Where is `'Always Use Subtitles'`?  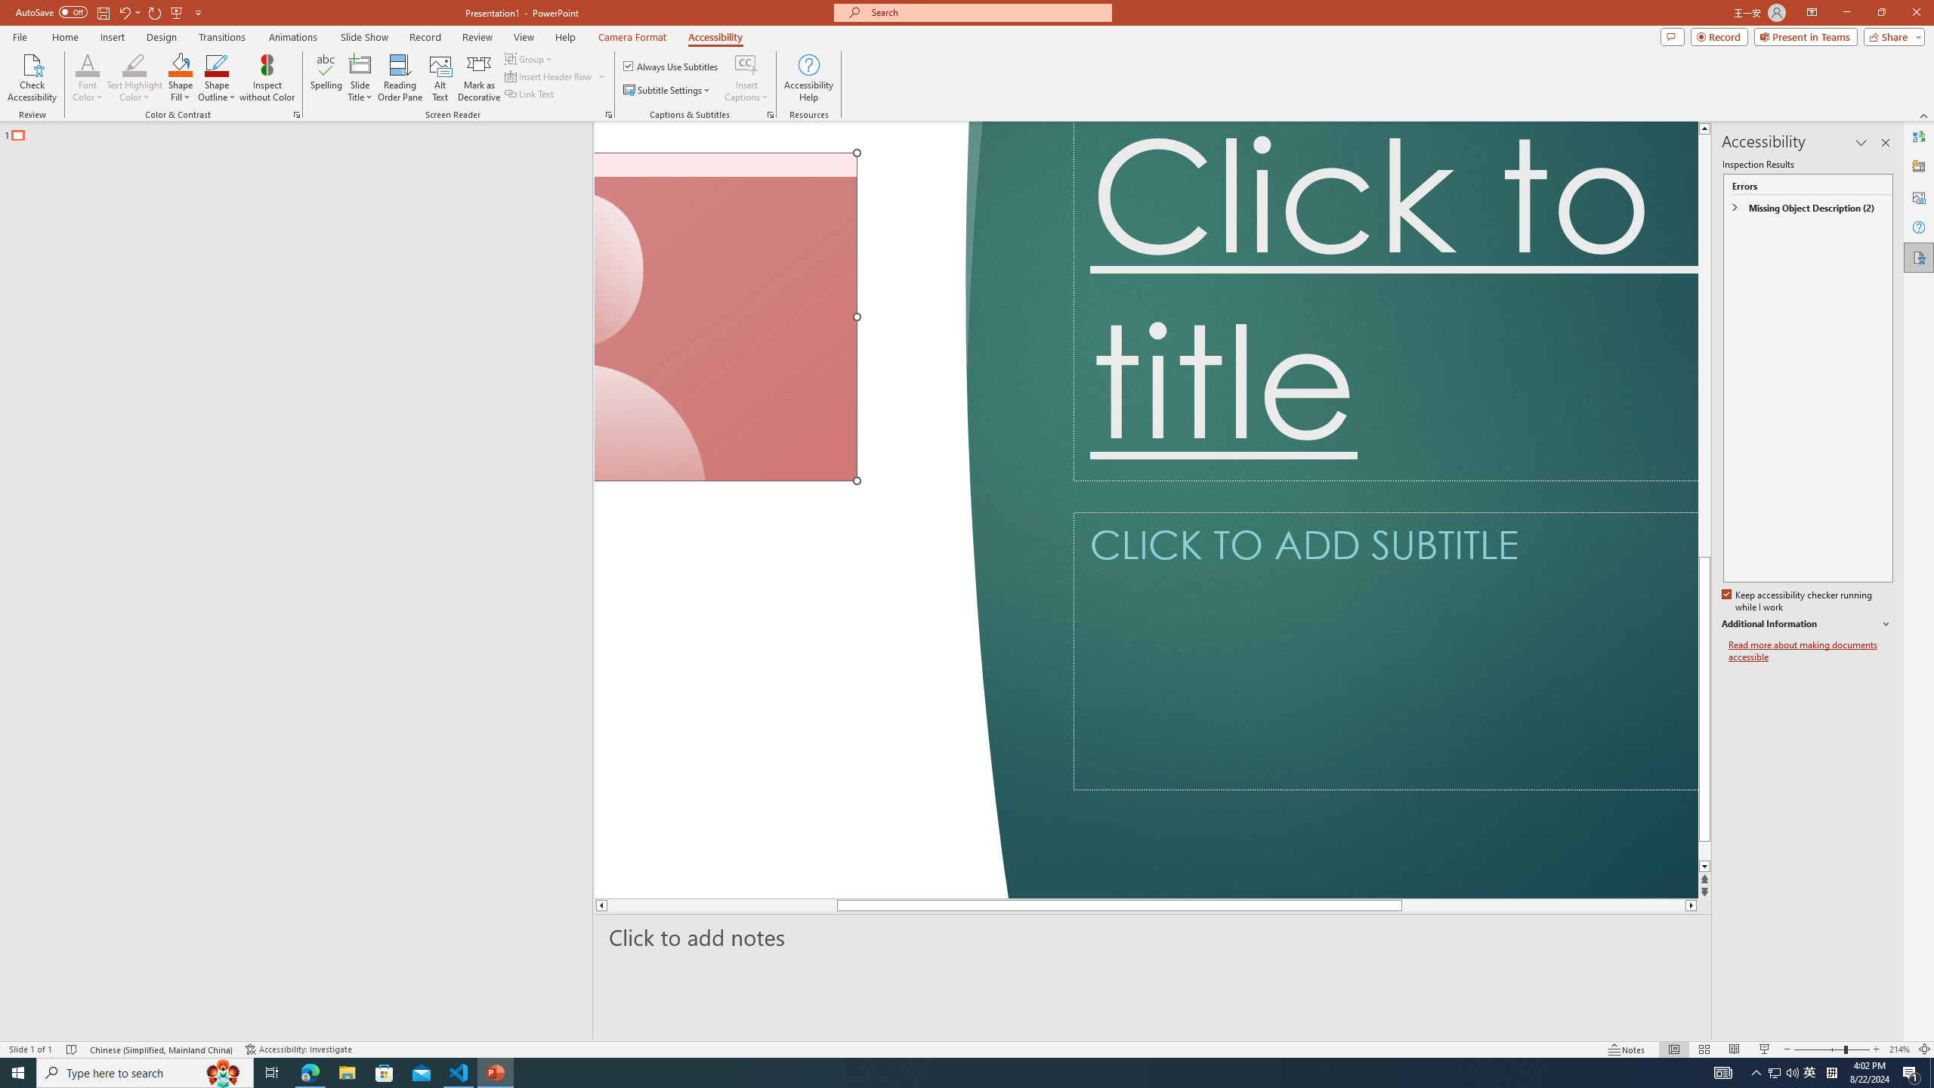 'Always Use Subtitles' is located at coordinates (671, 66).